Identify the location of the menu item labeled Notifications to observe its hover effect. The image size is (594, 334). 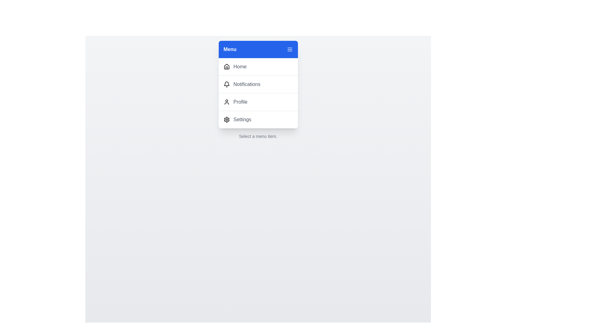
(258, 84).